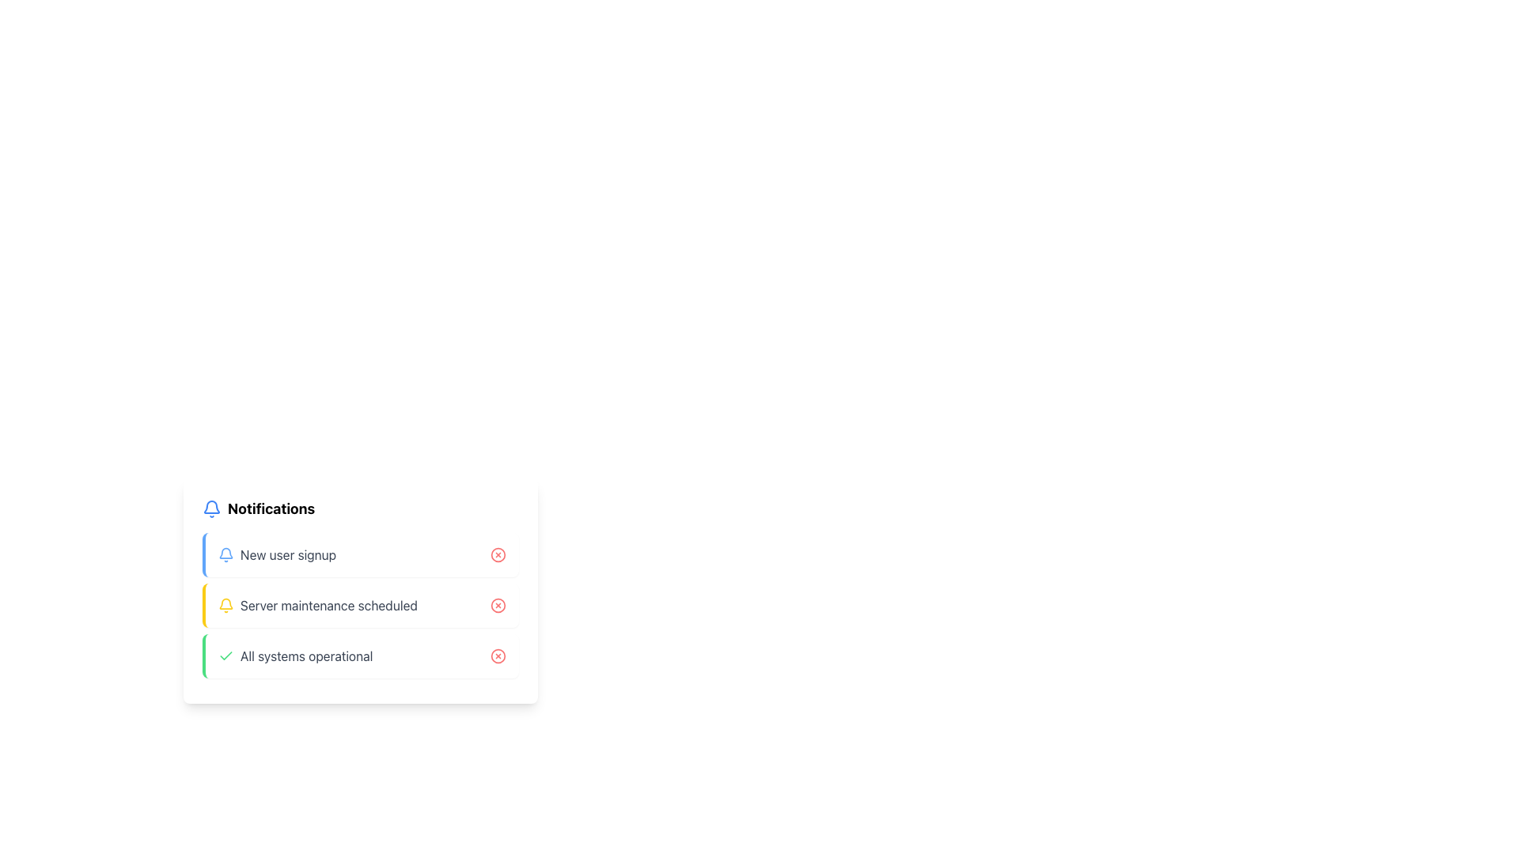  Describe the element at coordinates (295, 656) in the screenshot. I see `the notification element labeled 'All systems operational' that includes a gray text and a green checkmark icon, located within the third notification block` at that location.